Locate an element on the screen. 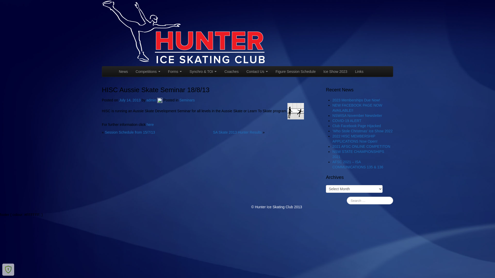  'admin' is located at coordinates (151, 100).